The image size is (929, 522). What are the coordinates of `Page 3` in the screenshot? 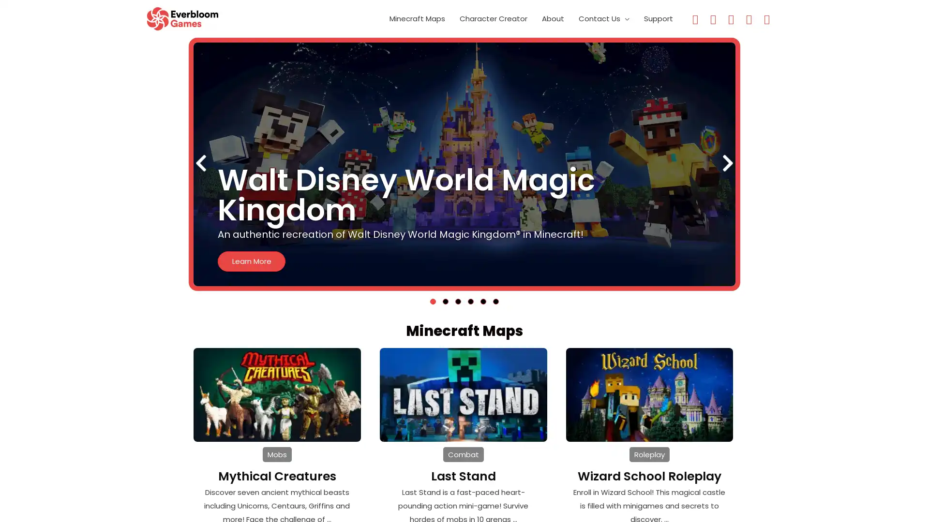 It's located at (457, 301).